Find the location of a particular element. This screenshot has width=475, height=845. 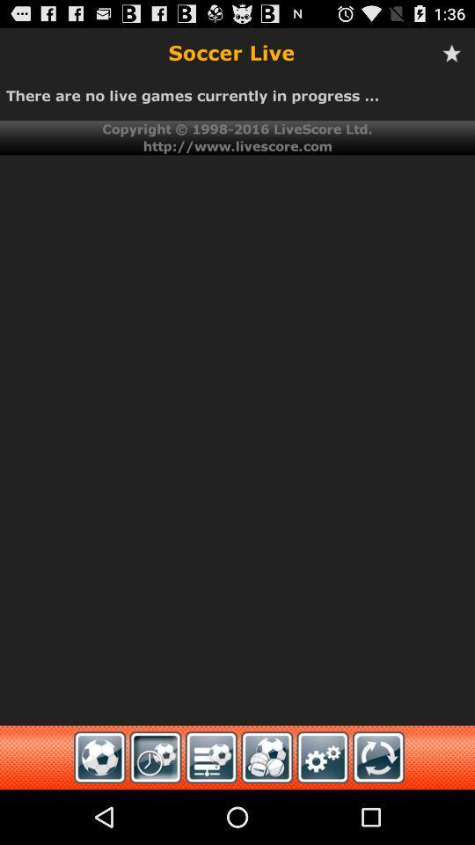

fourth icon at bottom of page is located at coordinates (266, 756).